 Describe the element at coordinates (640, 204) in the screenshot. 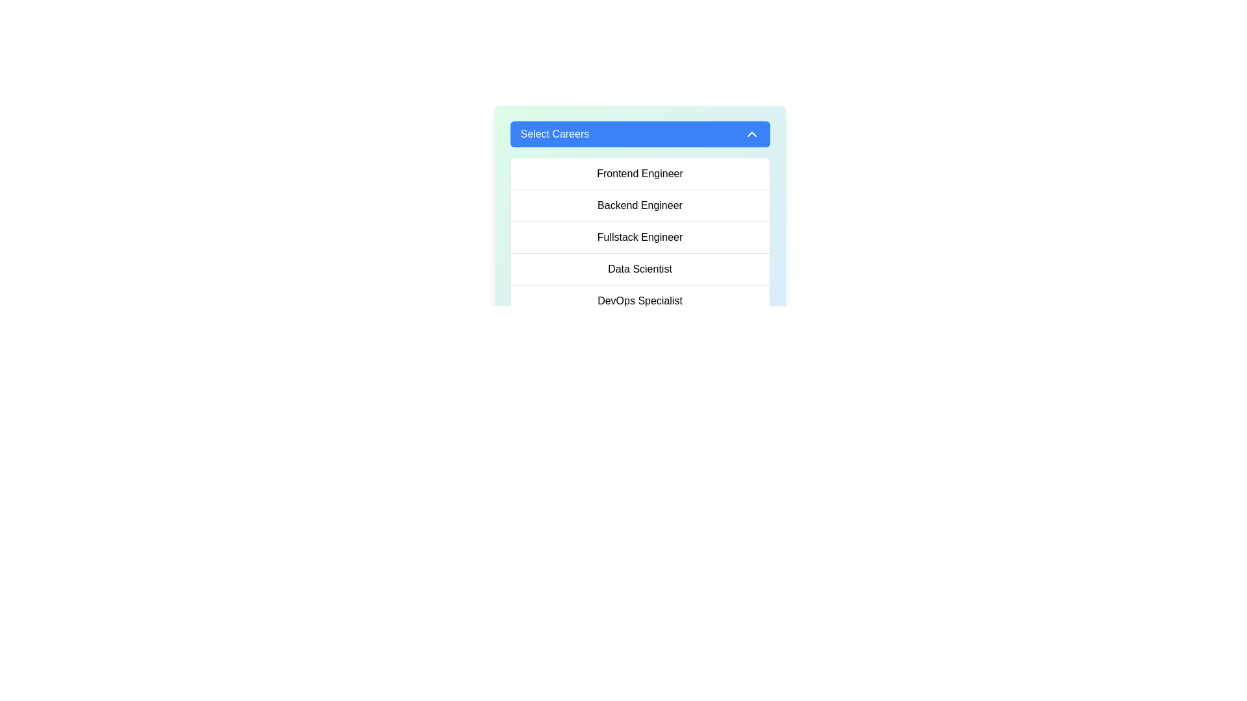

I see `the text 'Backend Engineer' in the dropdown menu` at that location.